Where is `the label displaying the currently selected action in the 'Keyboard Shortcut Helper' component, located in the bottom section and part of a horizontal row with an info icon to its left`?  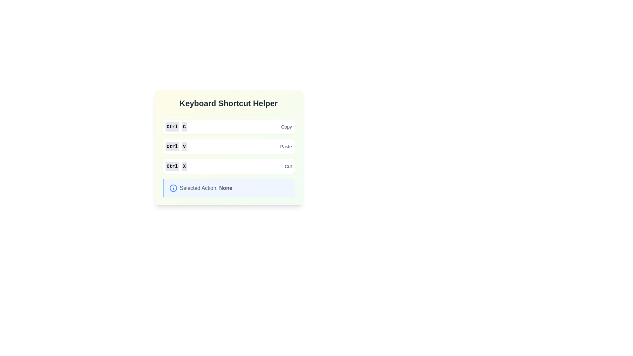 the label displaying the currently selected action in the 'Keyboard Shortcut Helper' component, located in the bottom section and part of a horizontal row with an info icon to its left is located at coordinates (206, 188).